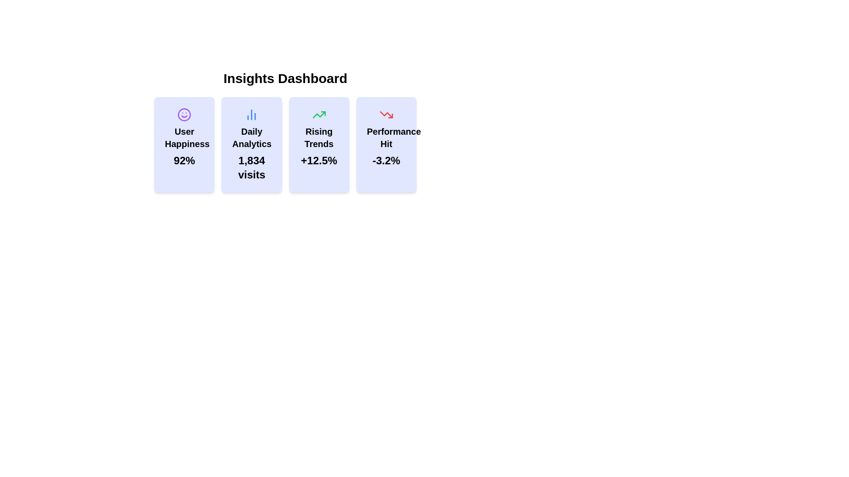  Describe the element at coordinates (318, 144) in the screenshot. I see `statistical figure '+12.5%' labeled as 'Rising Trends' on the informational card located in the third position of a 4-column grid layout` at that location.